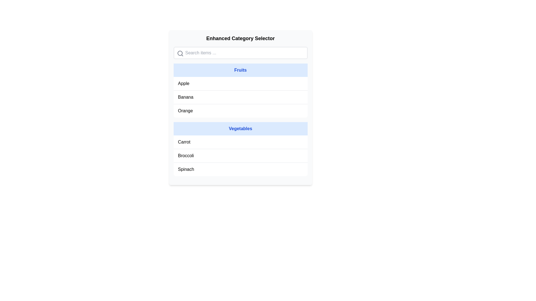  Describe the element at coordinates (240, 84) in the screenshot. I see `the first list item labeled 'Apple'` at that location.